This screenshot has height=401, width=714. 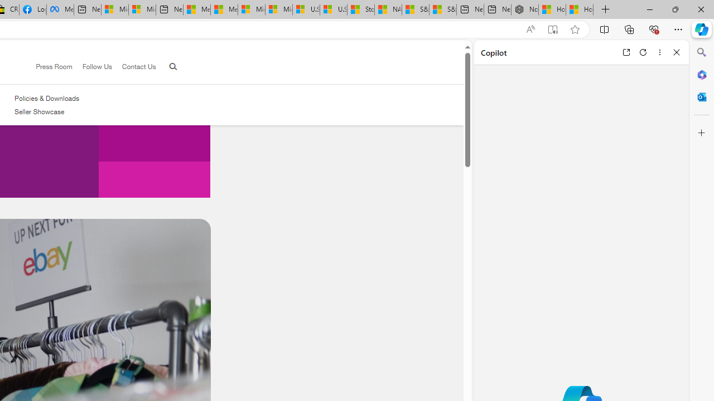 What do you see at coordinates (54, 66) in the screenshot?
I see `'Press Room'` at bounding box center [54, 66].